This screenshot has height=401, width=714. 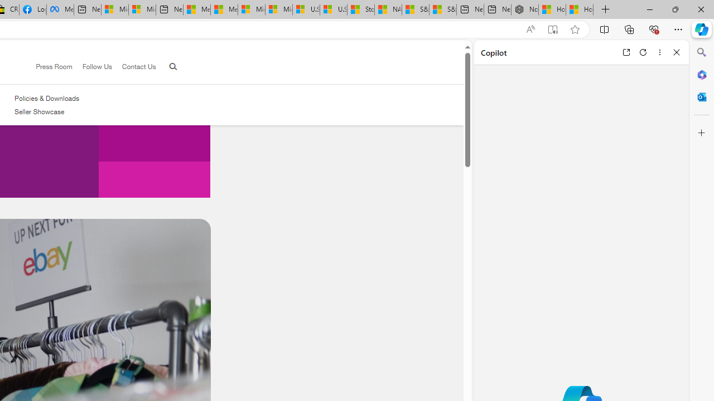 What do you see at coordinates (54, 66) in the screenshot?
I see `'Press Room'` at bounding box center [54, 66].